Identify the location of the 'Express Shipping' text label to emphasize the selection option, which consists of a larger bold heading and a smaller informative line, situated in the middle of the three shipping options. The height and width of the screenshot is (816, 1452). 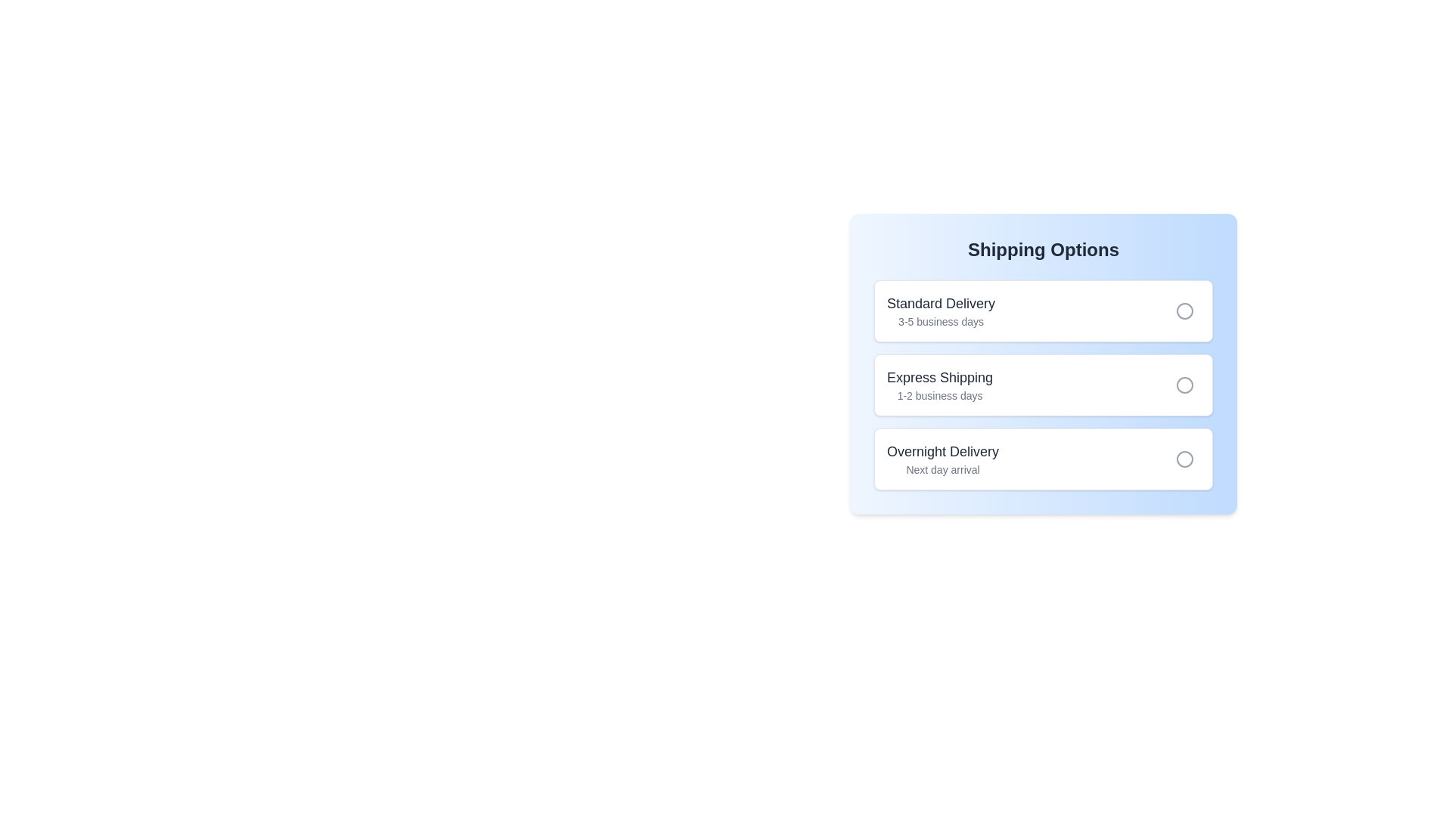
(939, 384).